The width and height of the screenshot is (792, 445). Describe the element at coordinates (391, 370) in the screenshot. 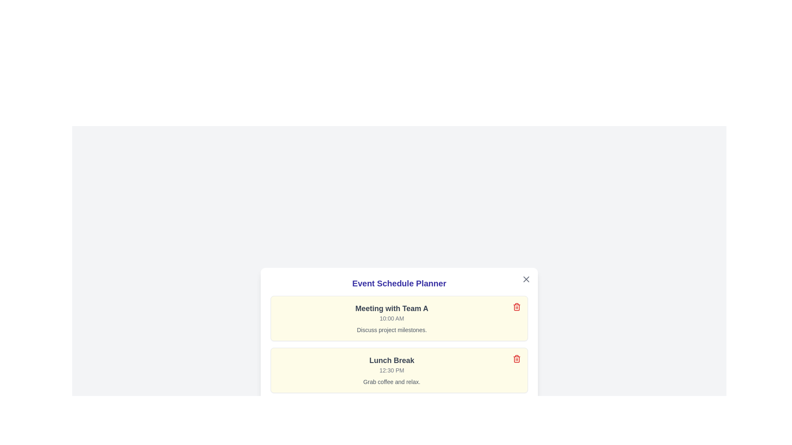

I see `information displayed in the 'Lunch Break' card, which includes the title, time, and description` at that location.